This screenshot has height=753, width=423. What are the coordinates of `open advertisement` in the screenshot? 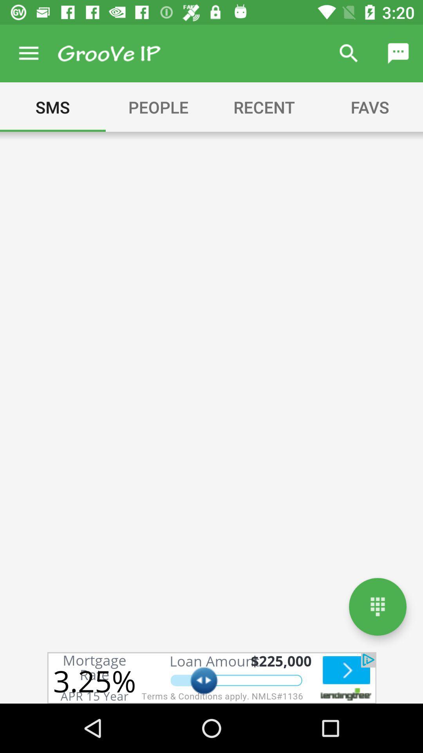 It's located at (211, 677).